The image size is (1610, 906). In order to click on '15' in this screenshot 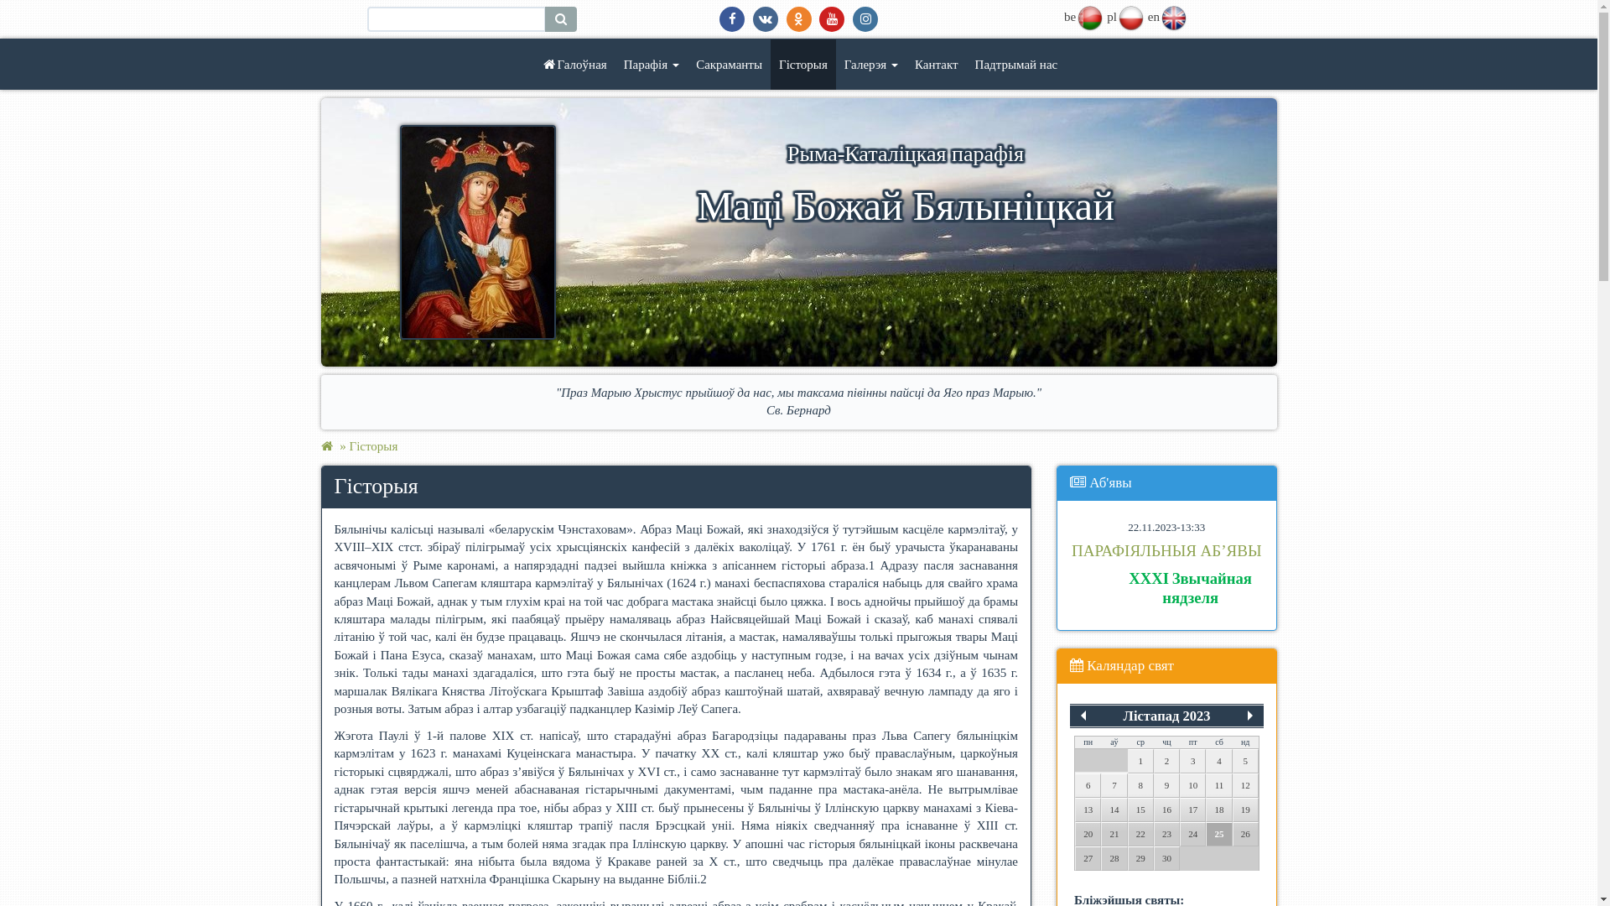, I will do `click(1140, 809)`.